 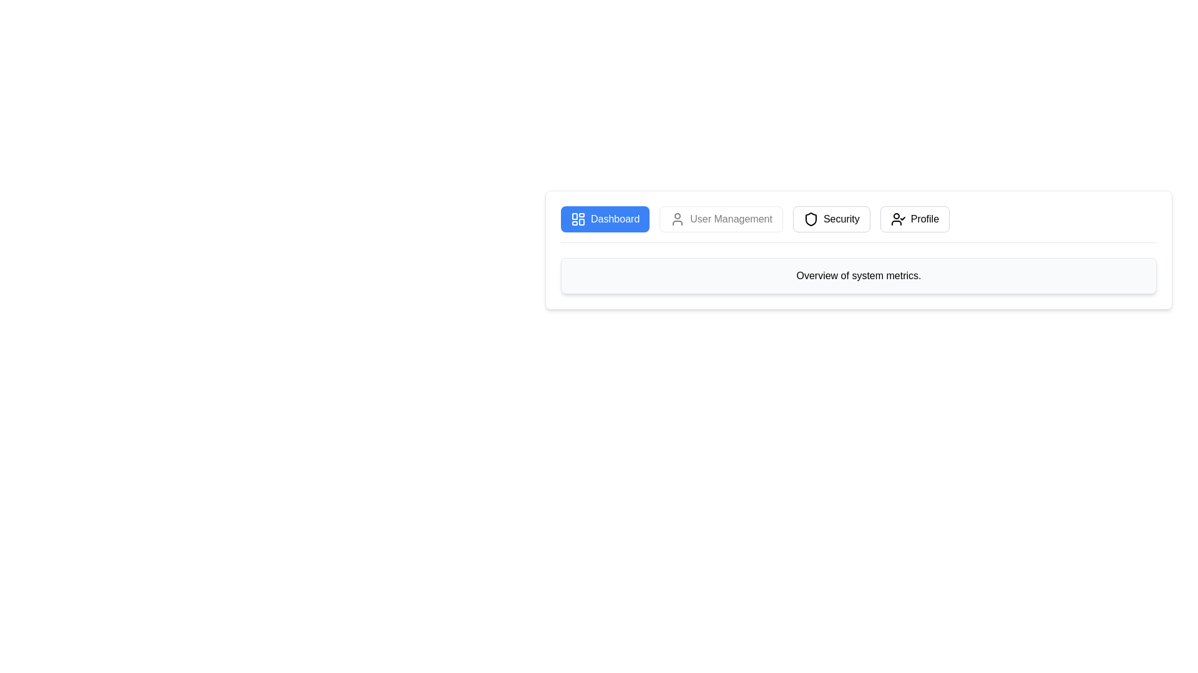 What do you see at coordinates (615, 218) in the screenshot?
I see `the 'Dashboard' text label within the navigation button` at bounding box center [615, 218].